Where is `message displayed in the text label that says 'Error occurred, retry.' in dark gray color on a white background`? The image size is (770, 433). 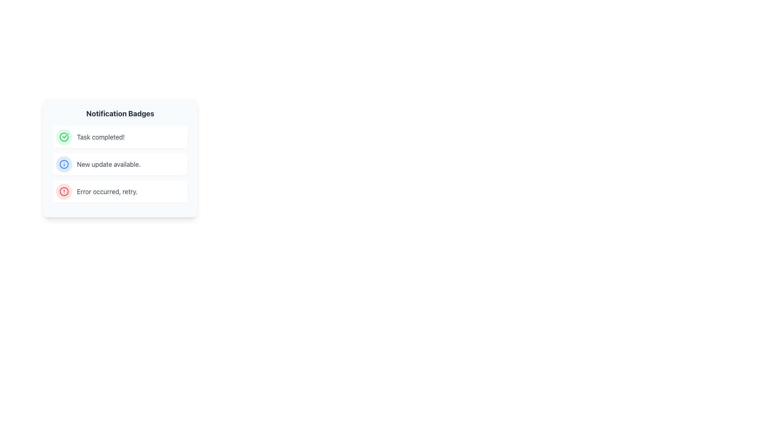
message displayed in the text label that says 'Error occurred, retry.' in dark gray color on a white background is located at coordinates (107, 192).